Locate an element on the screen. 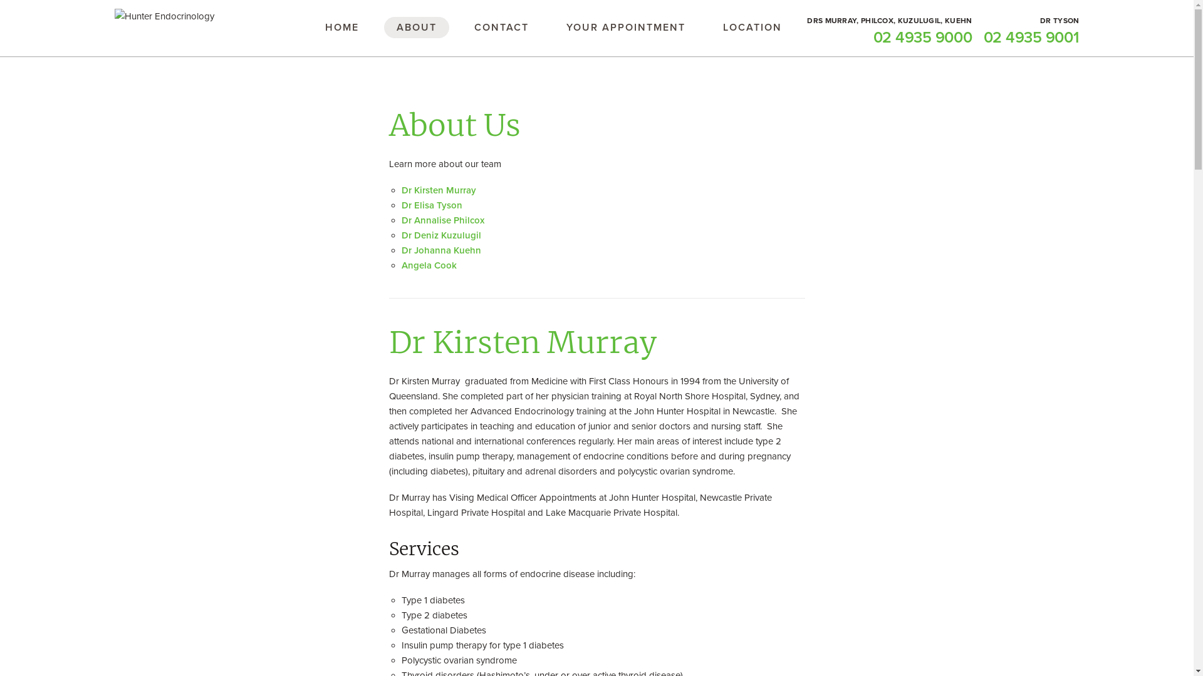 This screenshot has height=676, width=1203. 'DR TYSON is located at coordinates (1031, 31).